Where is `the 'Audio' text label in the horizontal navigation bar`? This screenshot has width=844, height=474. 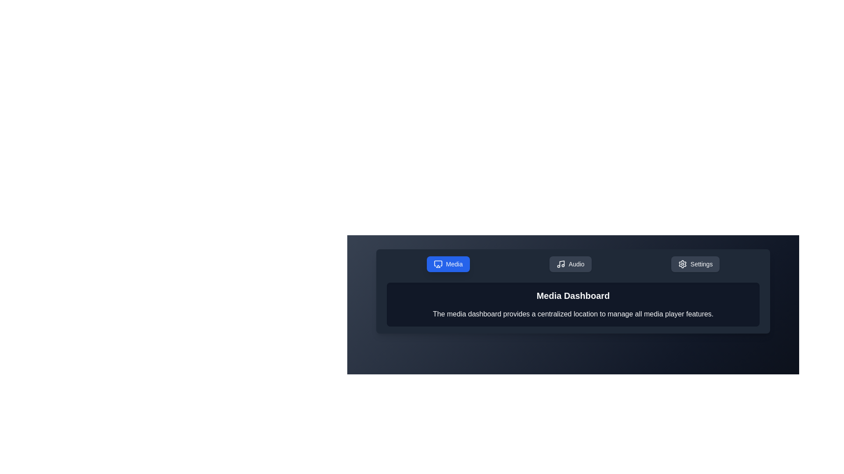 the 'Audio' text label in the horizontal navigation bar is located at coordinates (576, 263).